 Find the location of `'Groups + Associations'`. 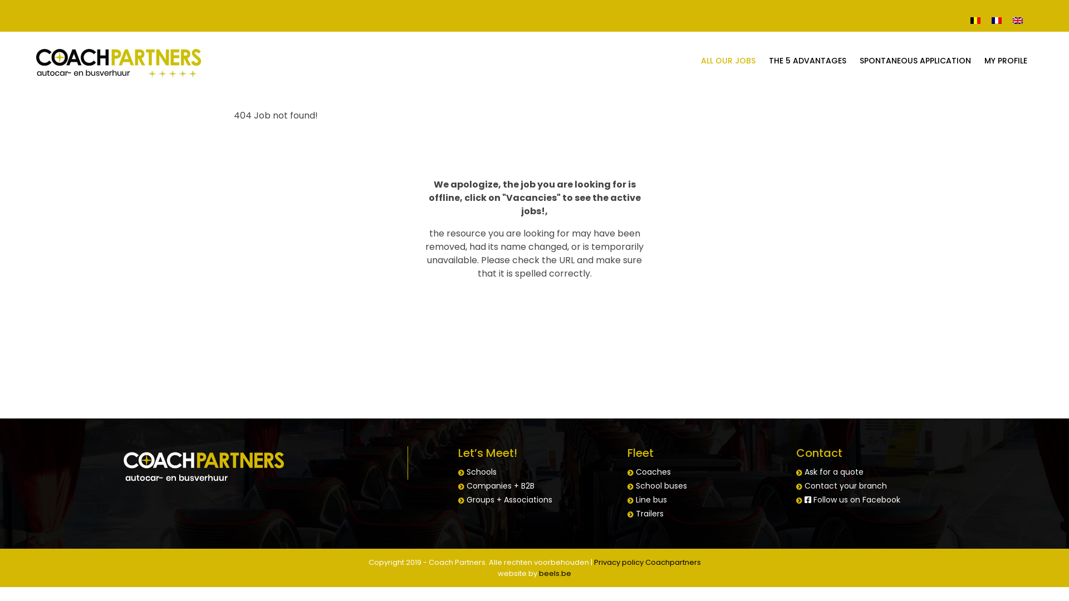

'Groups + Associations' is located at coordinates (509, 499).